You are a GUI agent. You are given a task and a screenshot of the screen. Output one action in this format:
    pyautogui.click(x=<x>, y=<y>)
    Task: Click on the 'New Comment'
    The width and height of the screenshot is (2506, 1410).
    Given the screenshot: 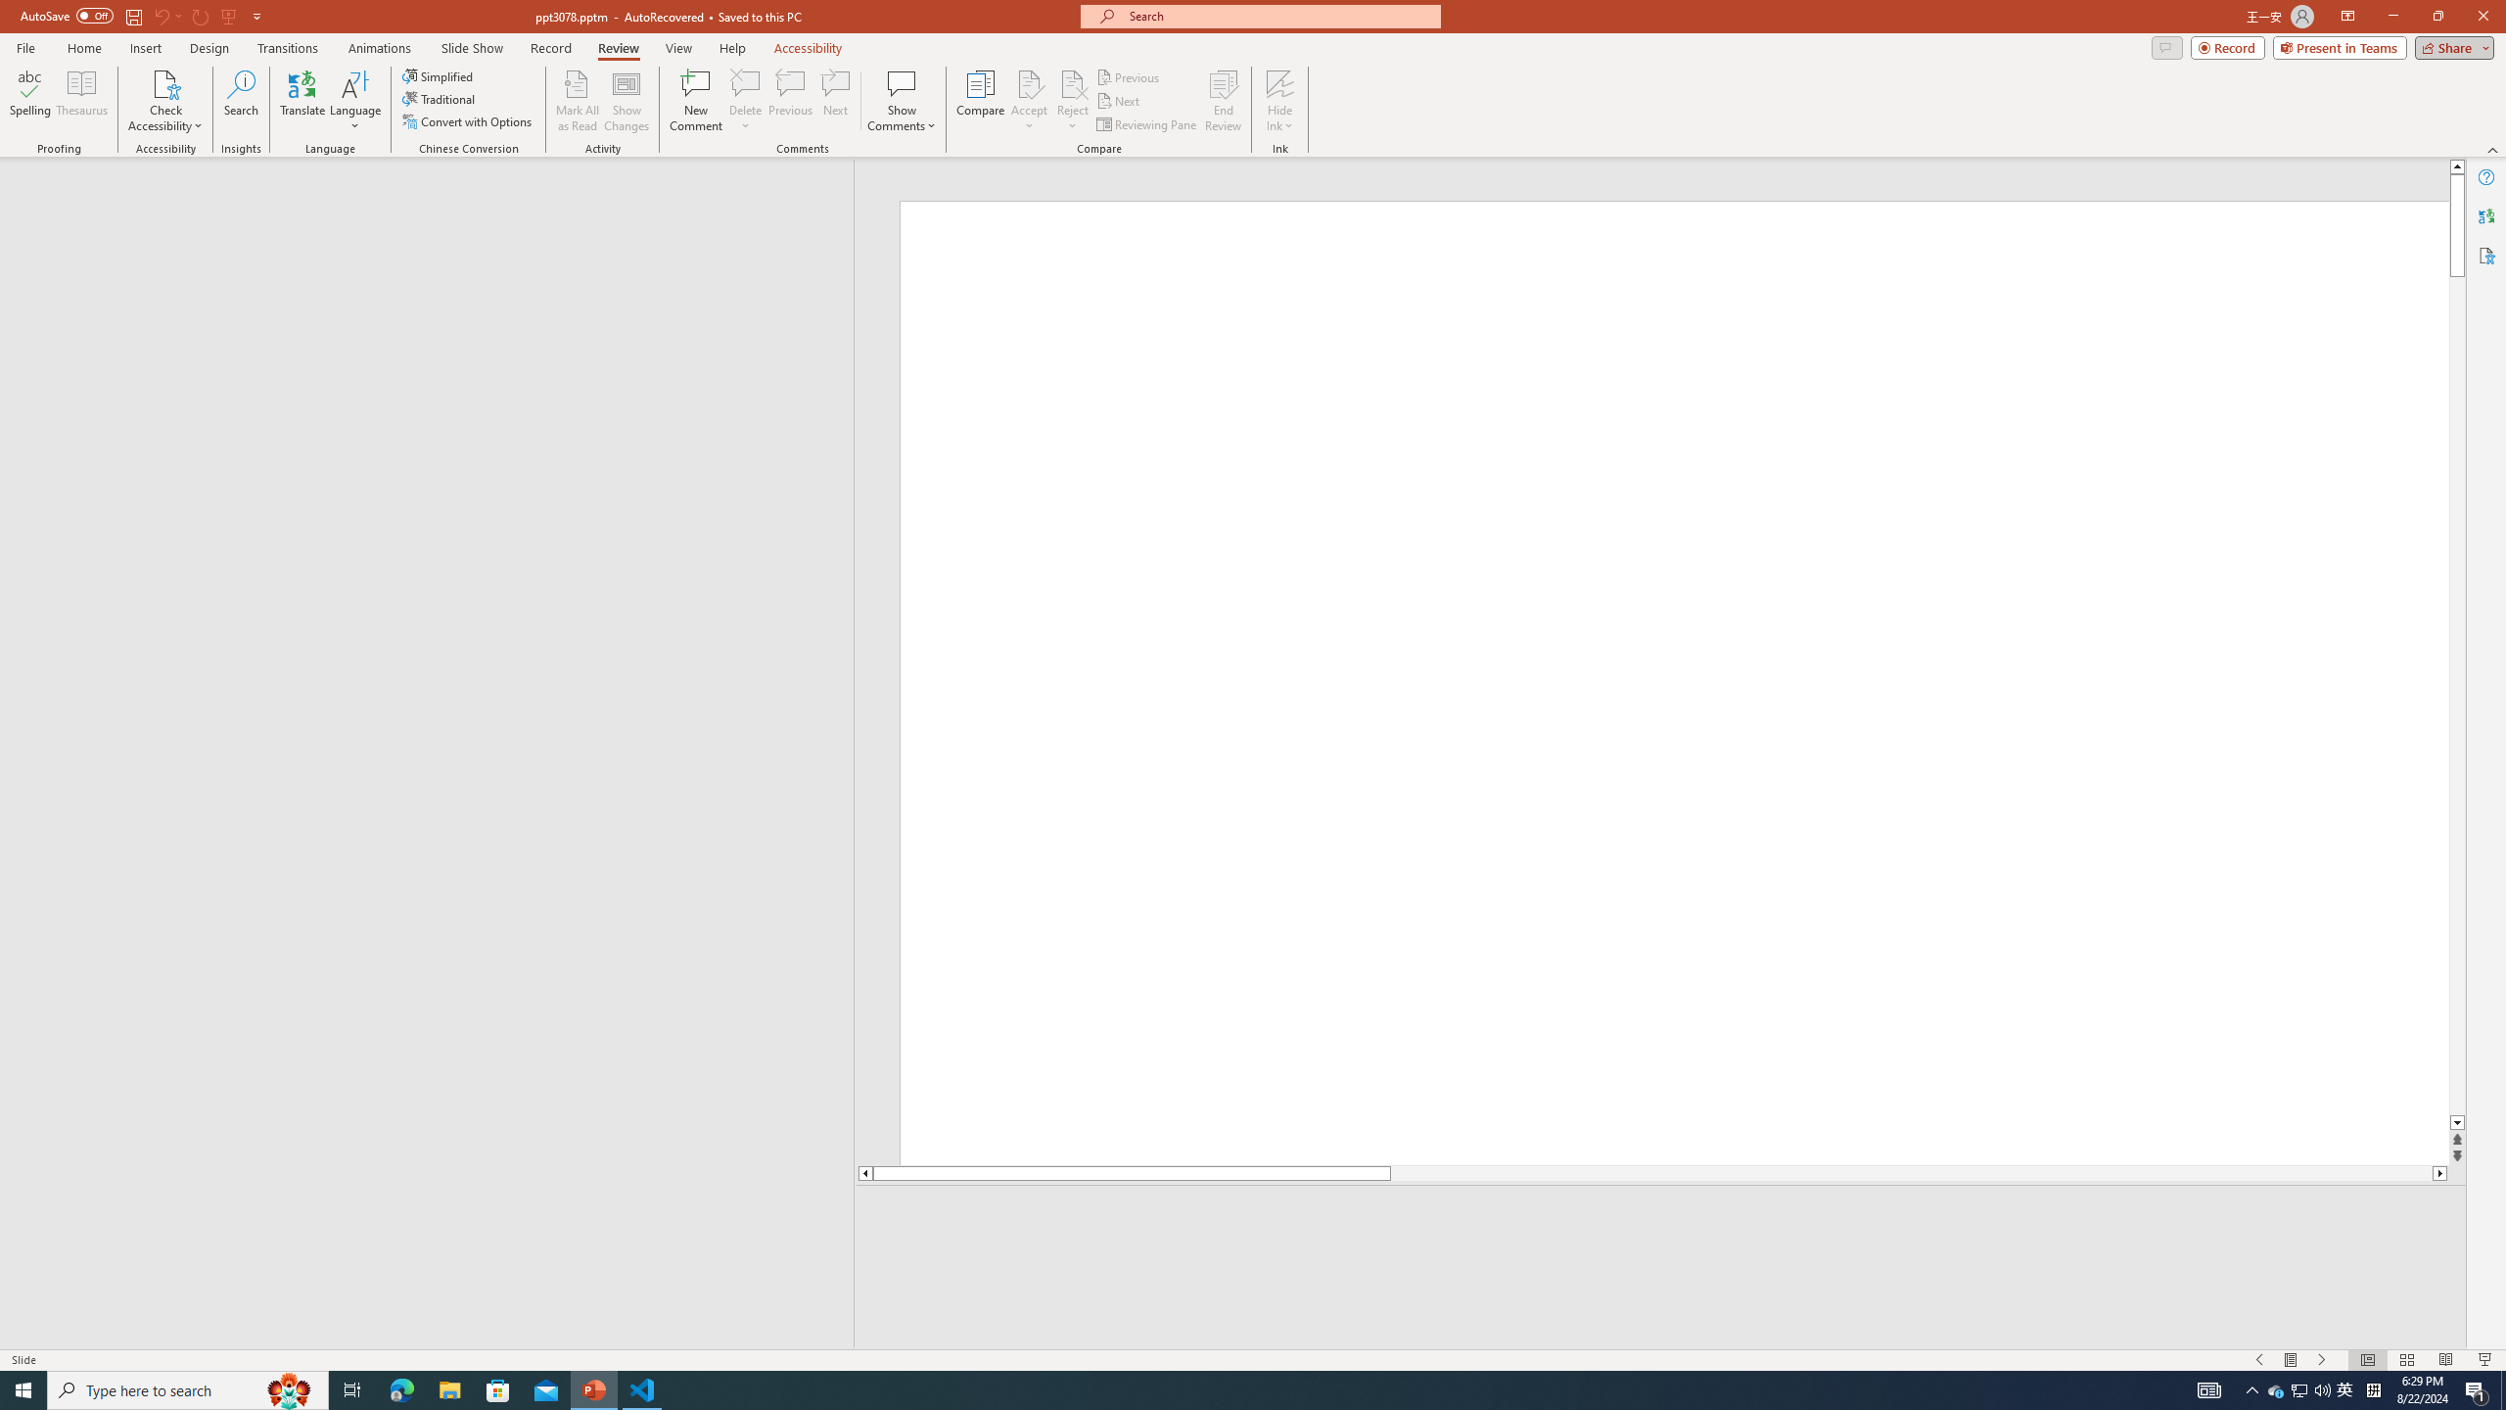 What is the action you would take?
    pyautogui.click(x=694, y=101)
    